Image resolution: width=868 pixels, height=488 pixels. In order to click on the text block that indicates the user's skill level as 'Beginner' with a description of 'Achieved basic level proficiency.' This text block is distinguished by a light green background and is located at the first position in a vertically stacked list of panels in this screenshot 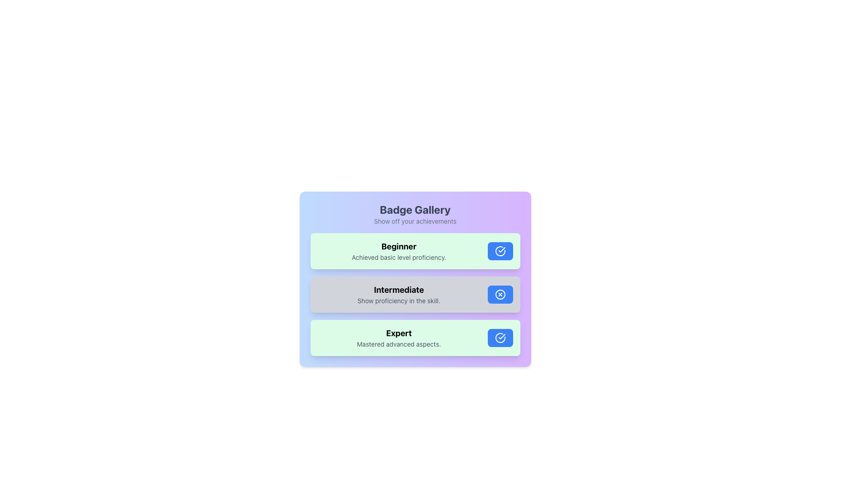, I will do `click(398, 251)`.